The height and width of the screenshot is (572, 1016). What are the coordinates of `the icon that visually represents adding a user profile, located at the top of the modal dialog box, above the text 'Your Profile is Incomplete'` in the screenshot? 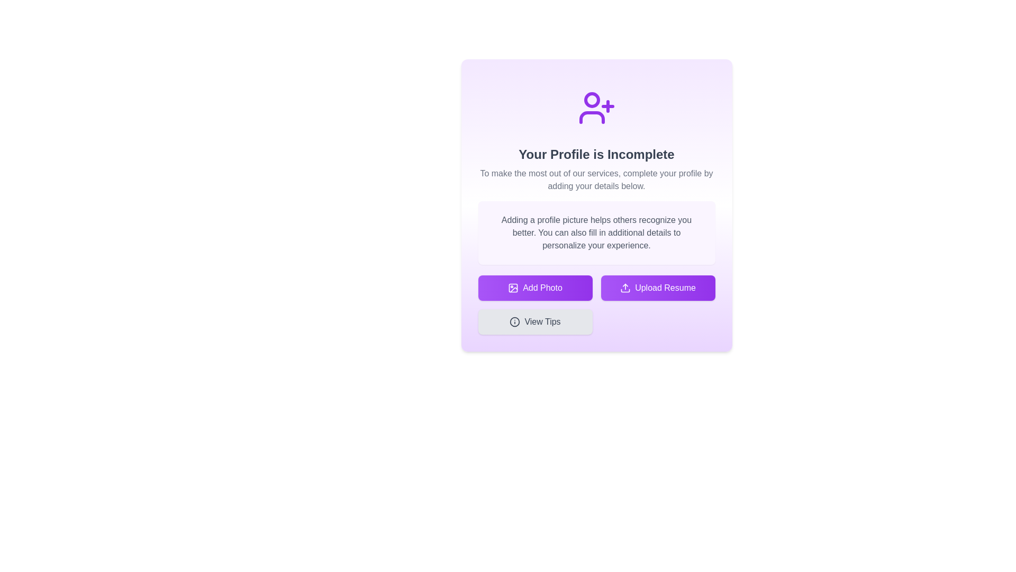 It's located at (596, 108).